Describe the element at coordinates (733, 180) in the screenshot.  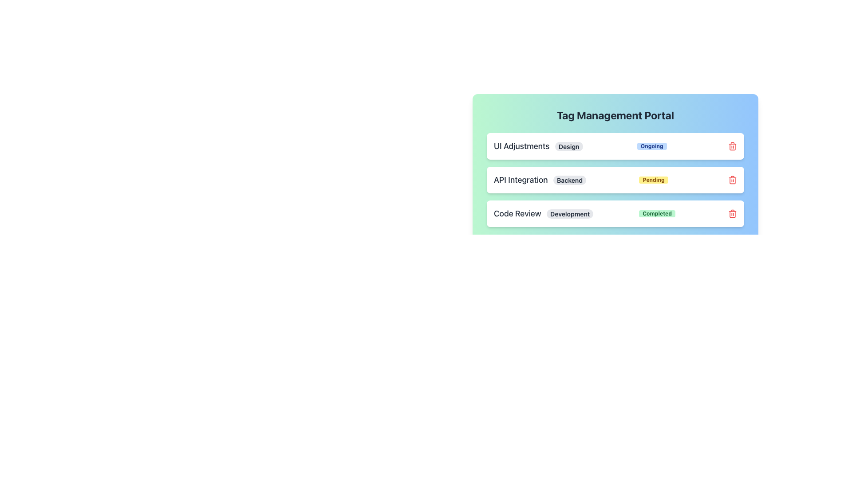
I see `the trash icon button with a red border and white background, located at the right end of the row labeled 'API Integration Backend Pending'` at that location.